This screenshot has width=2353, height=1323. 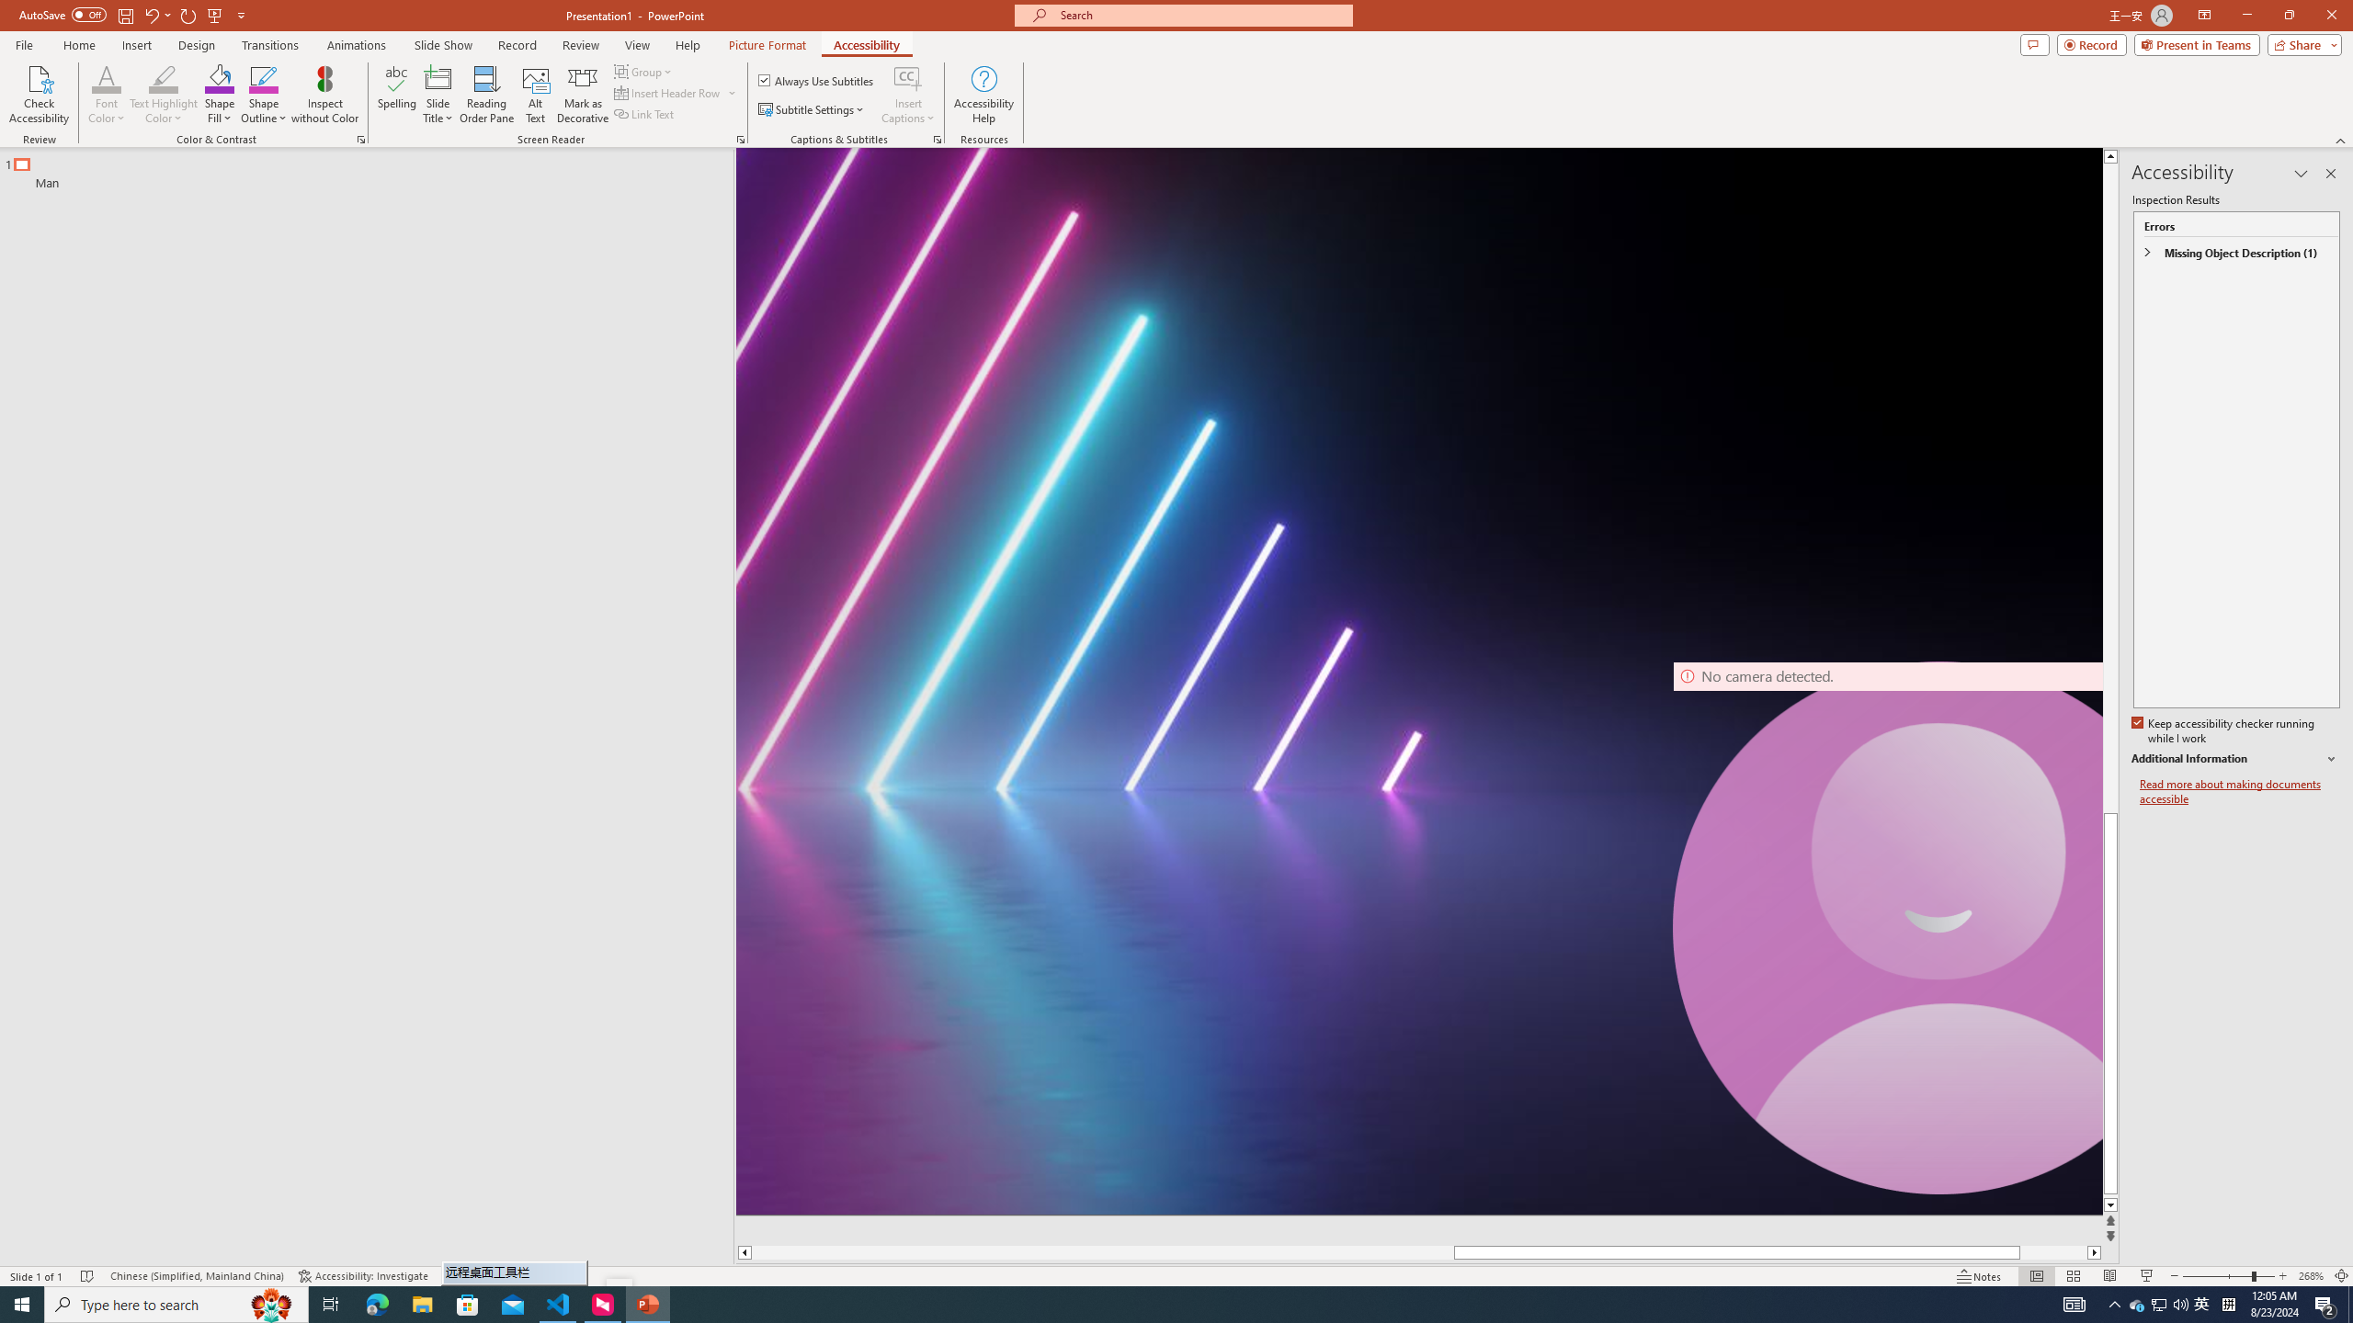 I want to click on 'System', so click(x=10, y=8).